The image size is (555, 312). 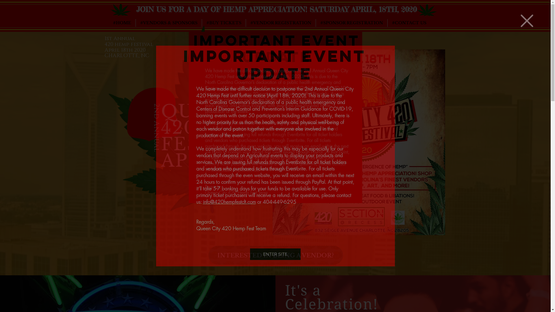 I want to click on '#SPONSOR REGISTRATION', so click(x=351, y=23).